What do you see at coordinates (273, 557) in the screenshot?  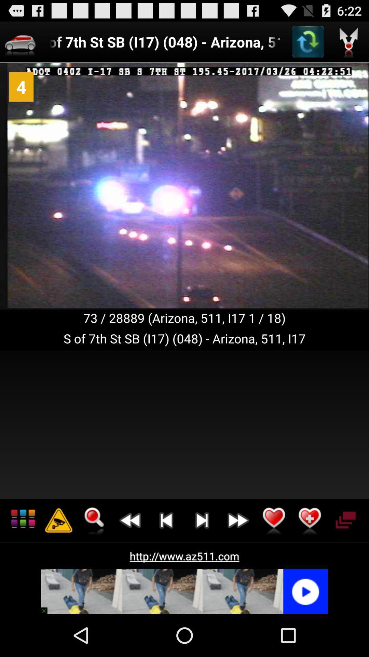 I see `the favorite icon` at bounding box center [273, 557].